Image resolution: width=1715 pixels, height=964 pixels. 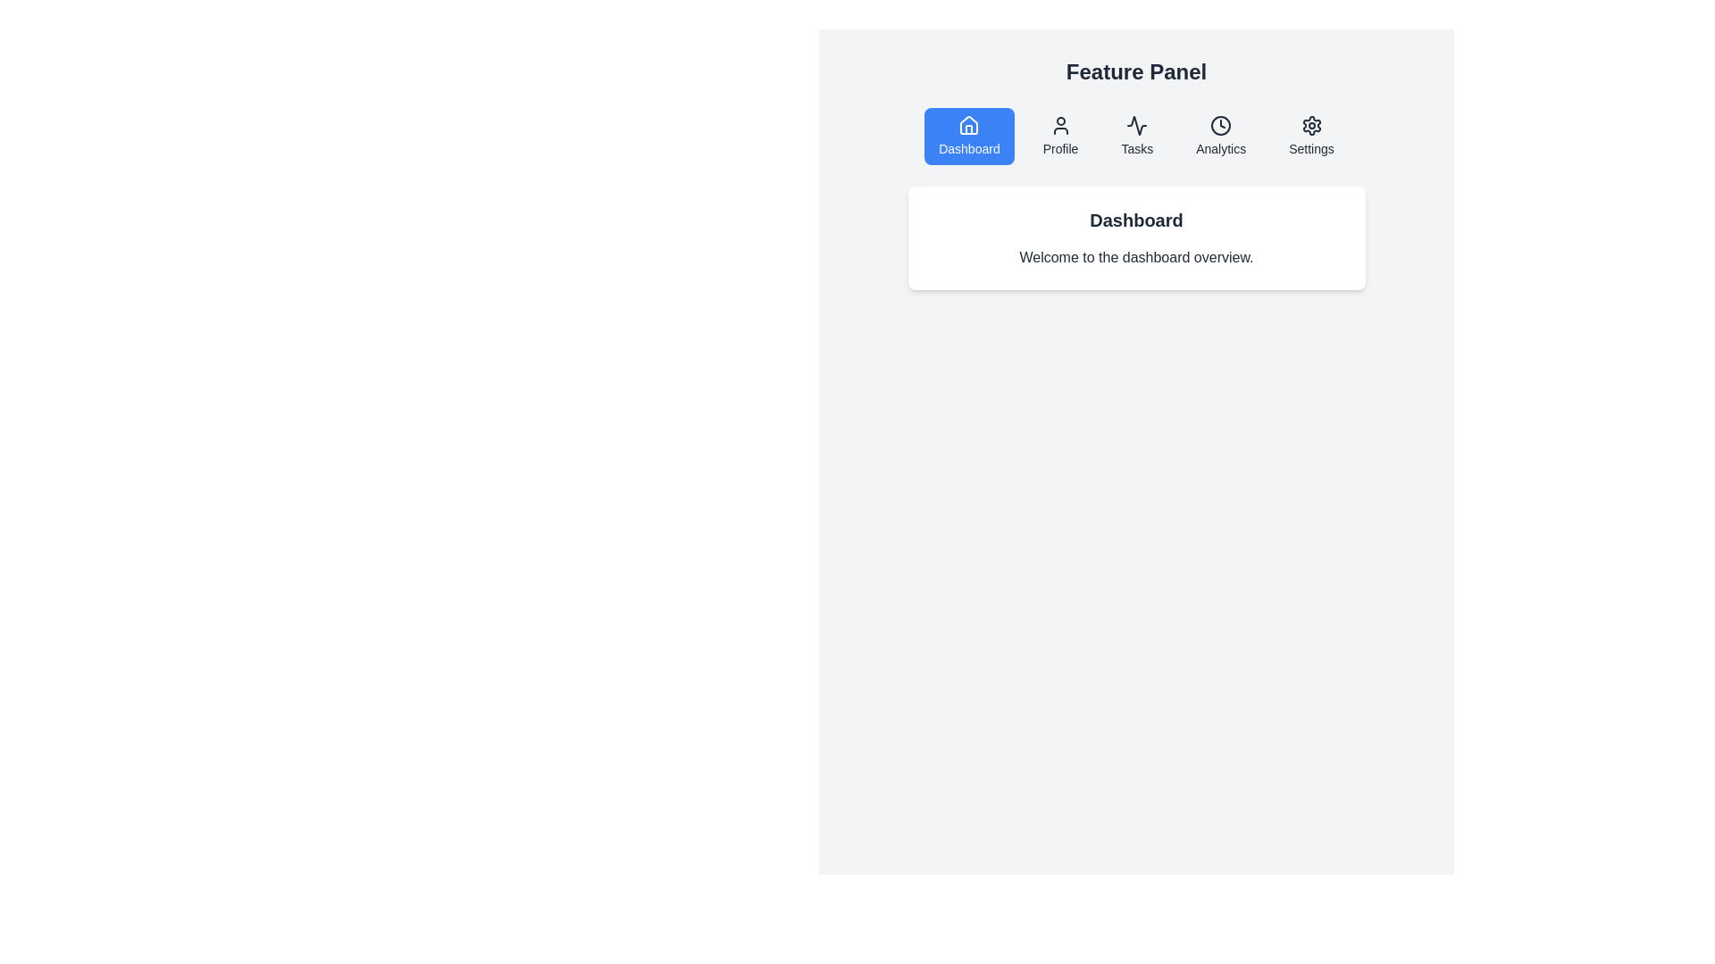 I want to click on the 'Settings' icon located at the top-right corner of the panel, so click(x=1311, y=125).